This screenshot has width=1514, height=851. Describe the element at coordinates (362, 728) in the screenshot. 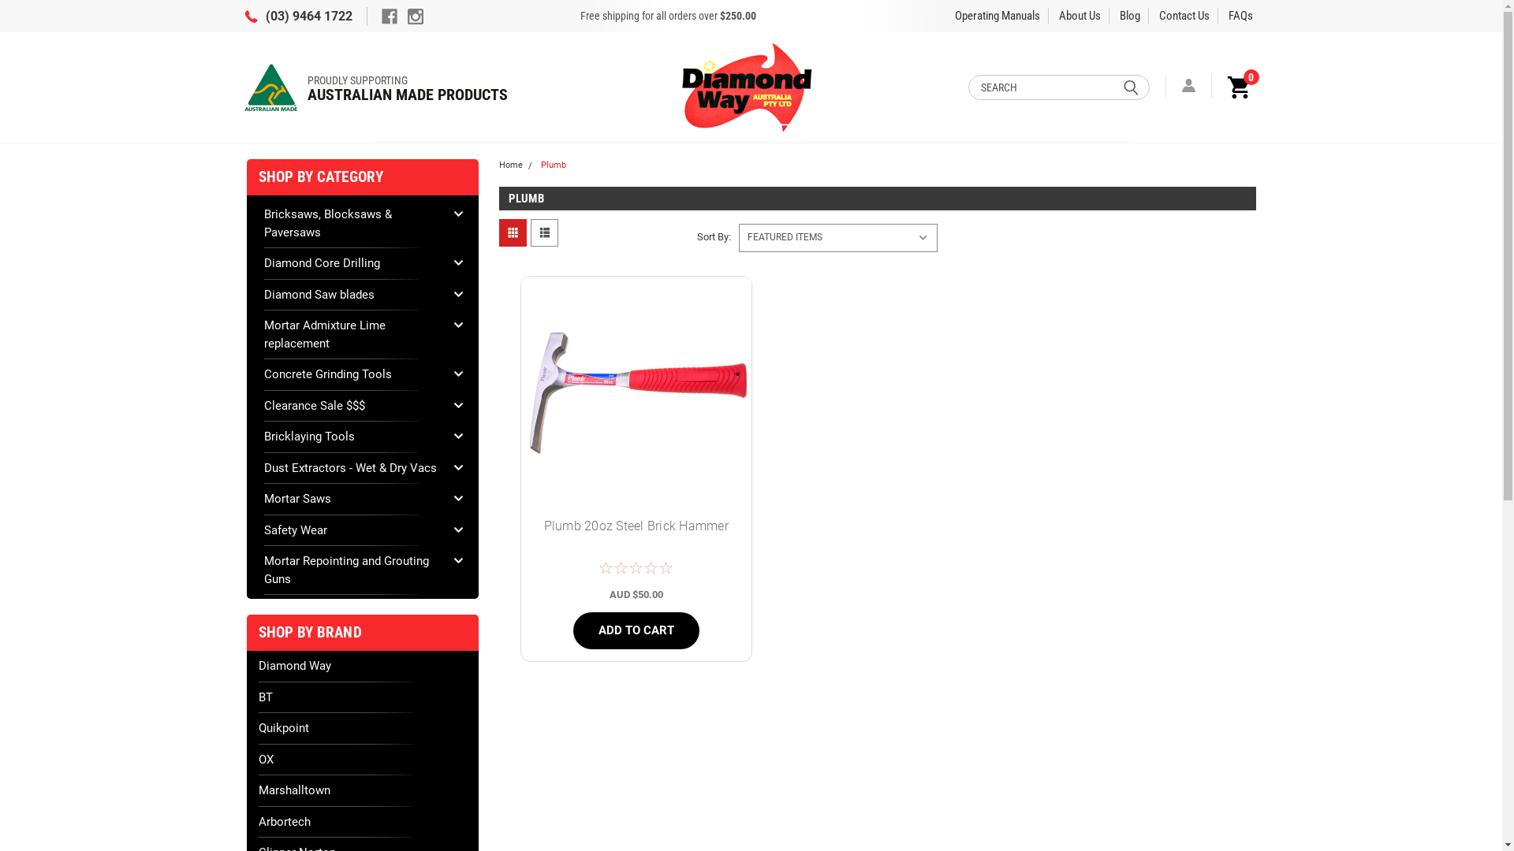

I see `'Quikpoint'` at that location.